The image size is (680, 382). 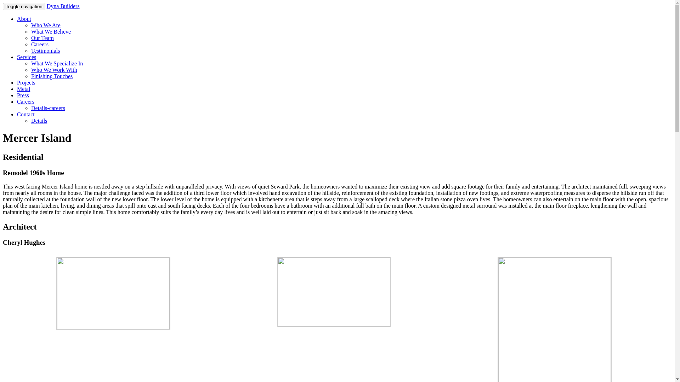 What do you see at coordinates (30, 50) in the screenshot?
I see `'Testimonials'` at bounding box center [30, 50].